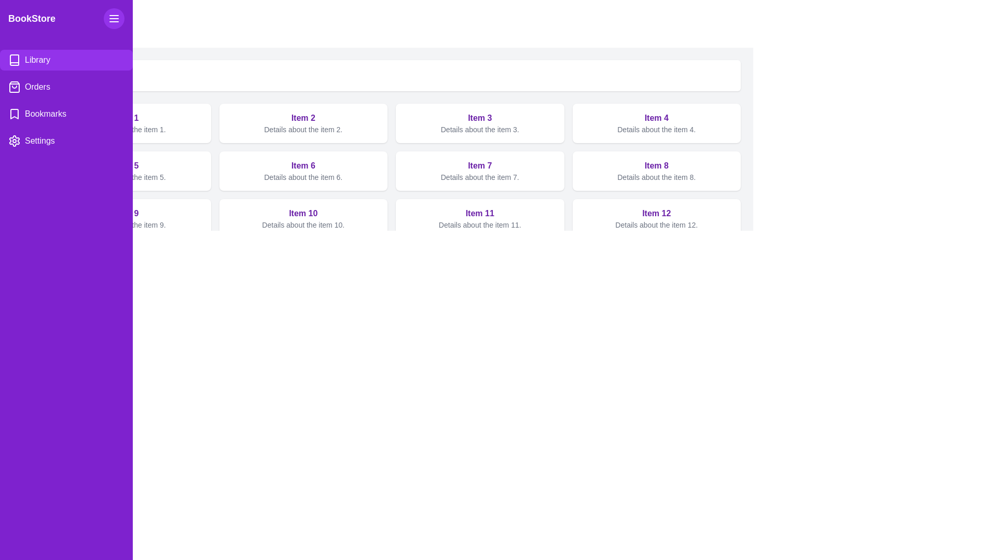 The image size is (996, 560). I want to click on the circular purple menu button located at the top-left corner of the application interface, so click(114, 18).